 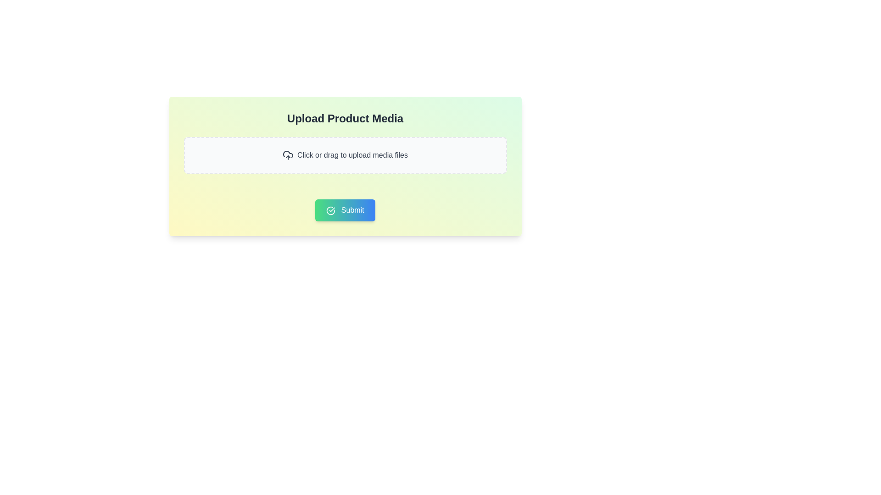 What do you see at coordinates (288, 155) in the screenshot?
I see `the upload icon` at bounding box center [288, 155].